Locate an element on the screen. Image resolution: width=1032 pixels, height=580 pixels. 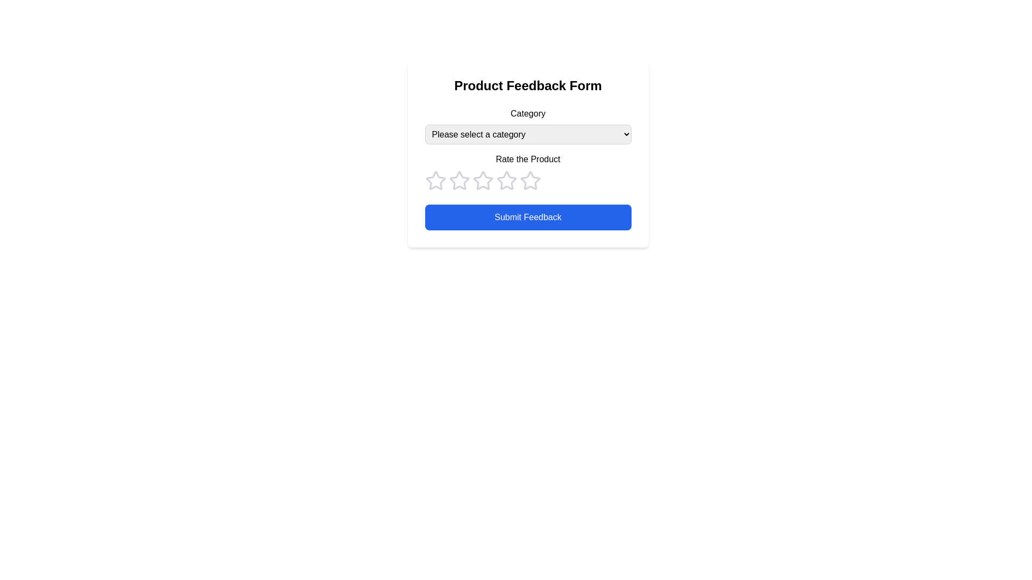
the fifth star-shaped rating icon, which is light gray and interactive is located at coordinates (530, 180).